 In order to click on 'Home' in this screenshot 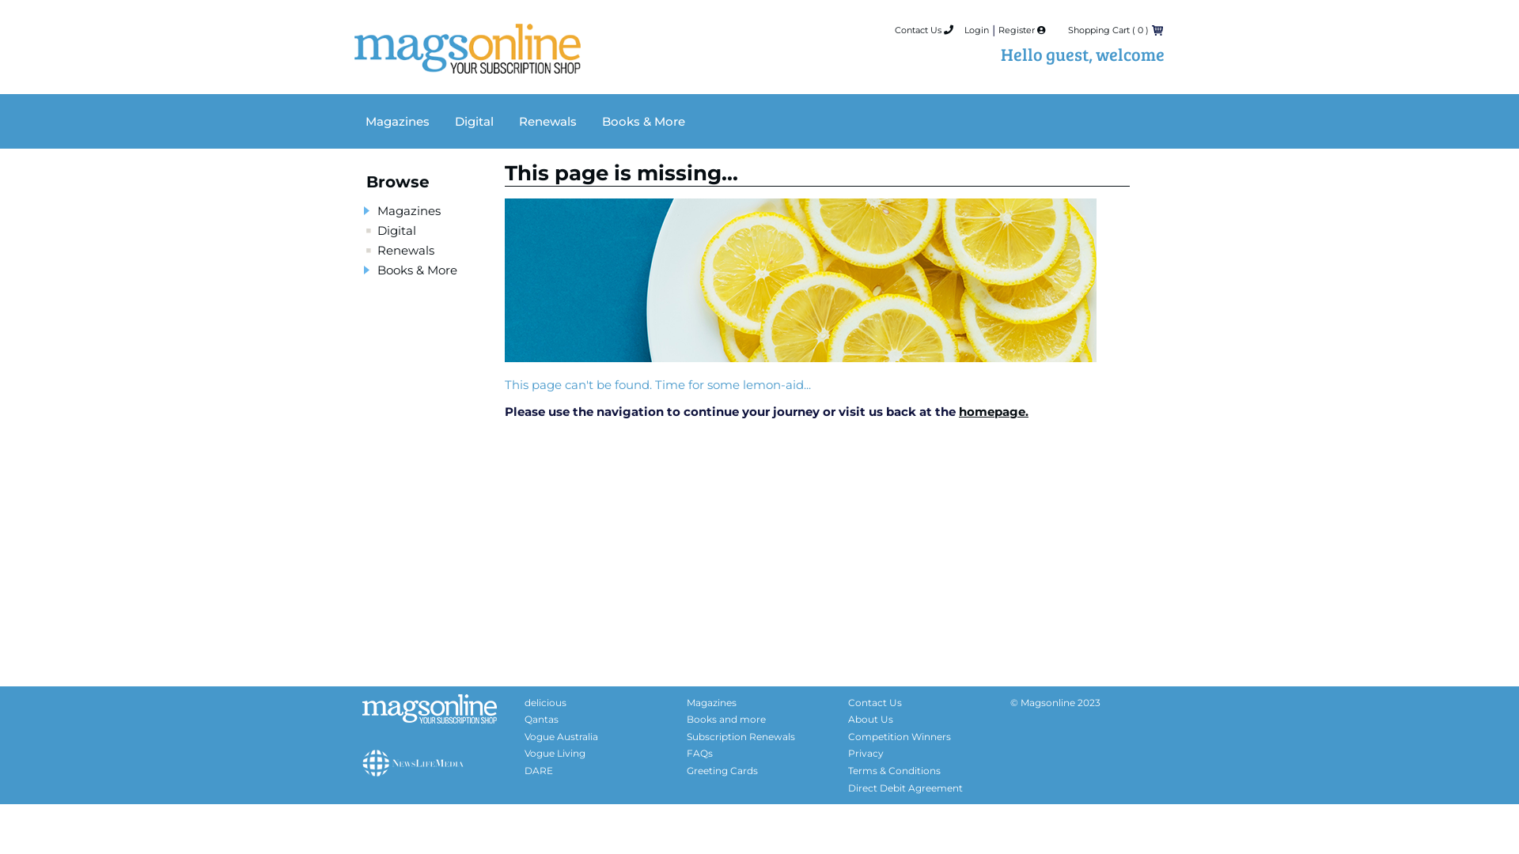, I will do `click(466, 60)`.